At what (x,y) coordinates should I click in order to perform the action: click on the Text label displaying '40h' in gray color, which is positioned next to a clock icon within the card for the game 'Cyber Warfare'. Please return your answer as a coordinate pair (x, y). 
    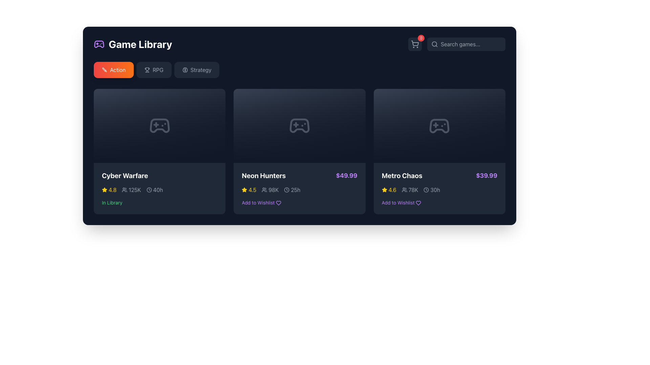
    Looking at the image, I should click on (154, 190).